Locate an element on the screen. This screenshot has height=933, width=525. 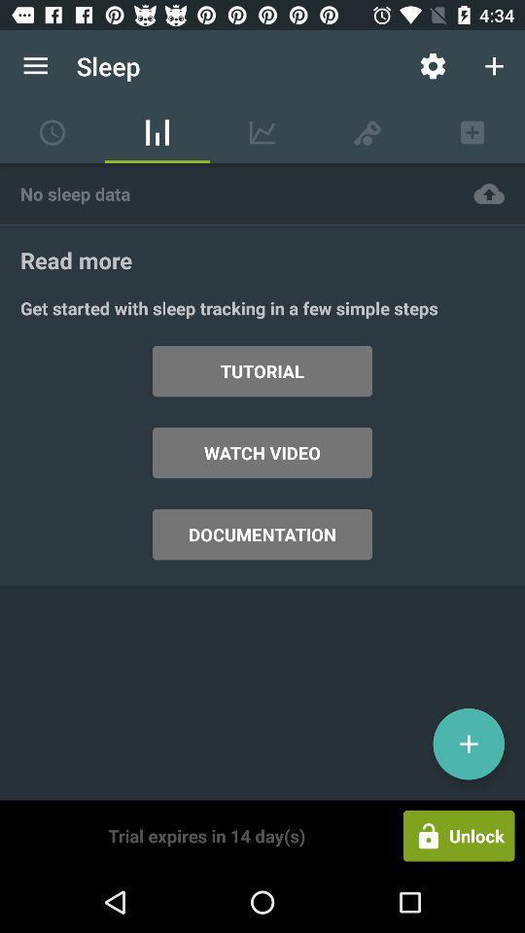
icon above read more item is located at coordinates (488, 193).